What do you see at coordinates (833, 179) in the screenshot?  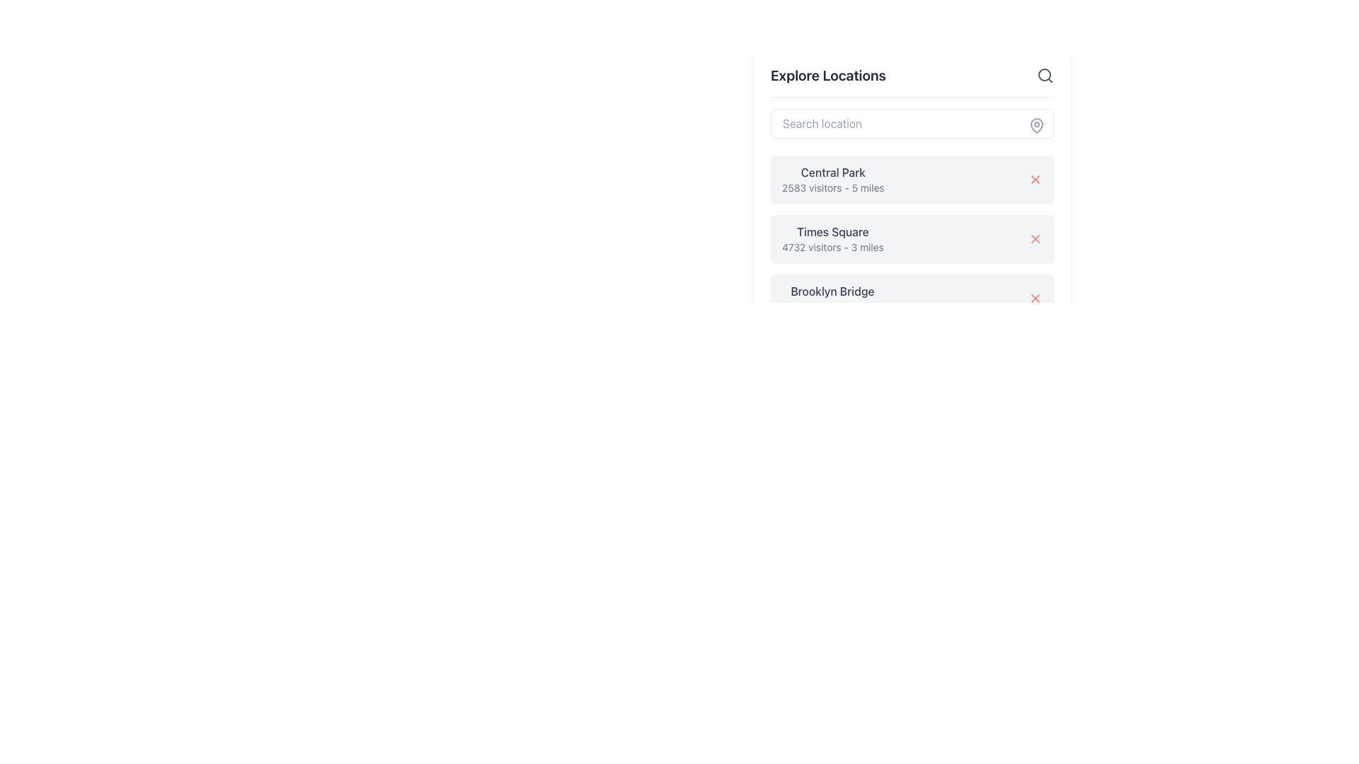 I see `the first entry in the 'Explore Locations' section, which is a Text Information Block displaying location details such as name, visitor count, and distance` at bounding box center [833, 179].